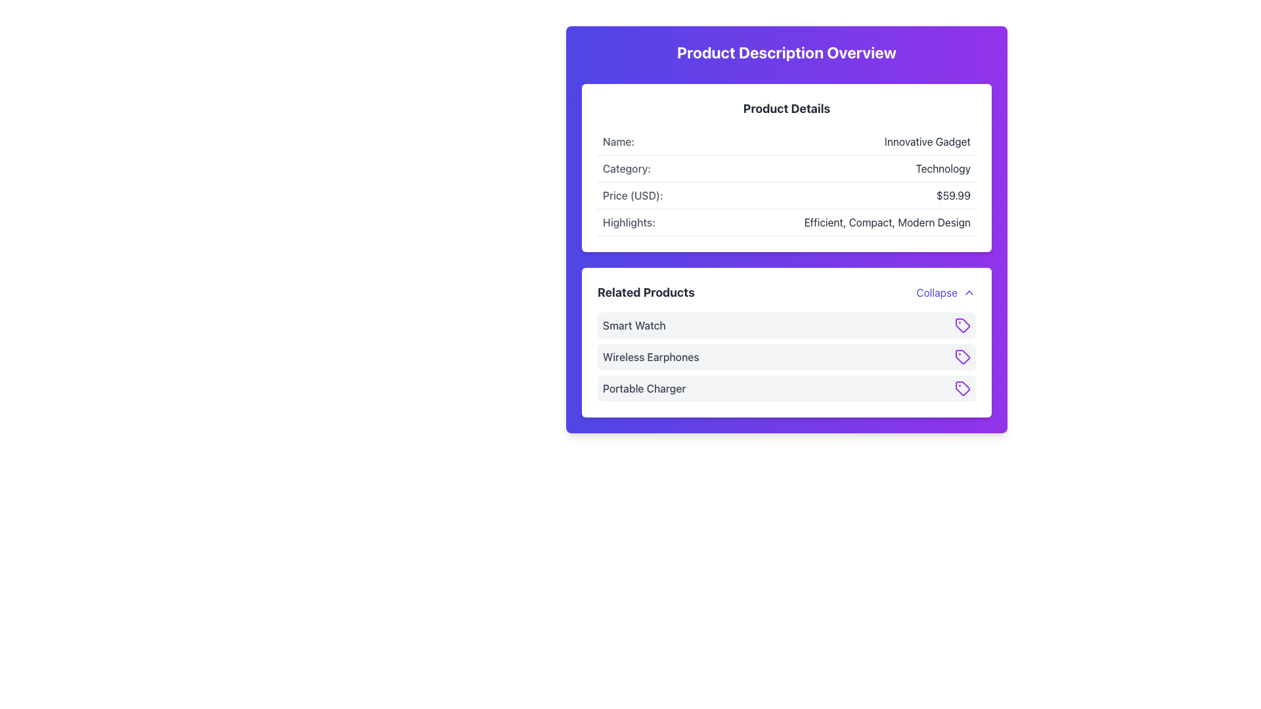 The height and width of the screenshot is (709, 1261). What do you see at coordinates (651, 356) in the screenshot?
I see `the text label for the product located in the second item slot under the 'Related Products' section, which is situated between 'Smart Watch' and 'Portable Charger'` at bounding box center [651, 356].